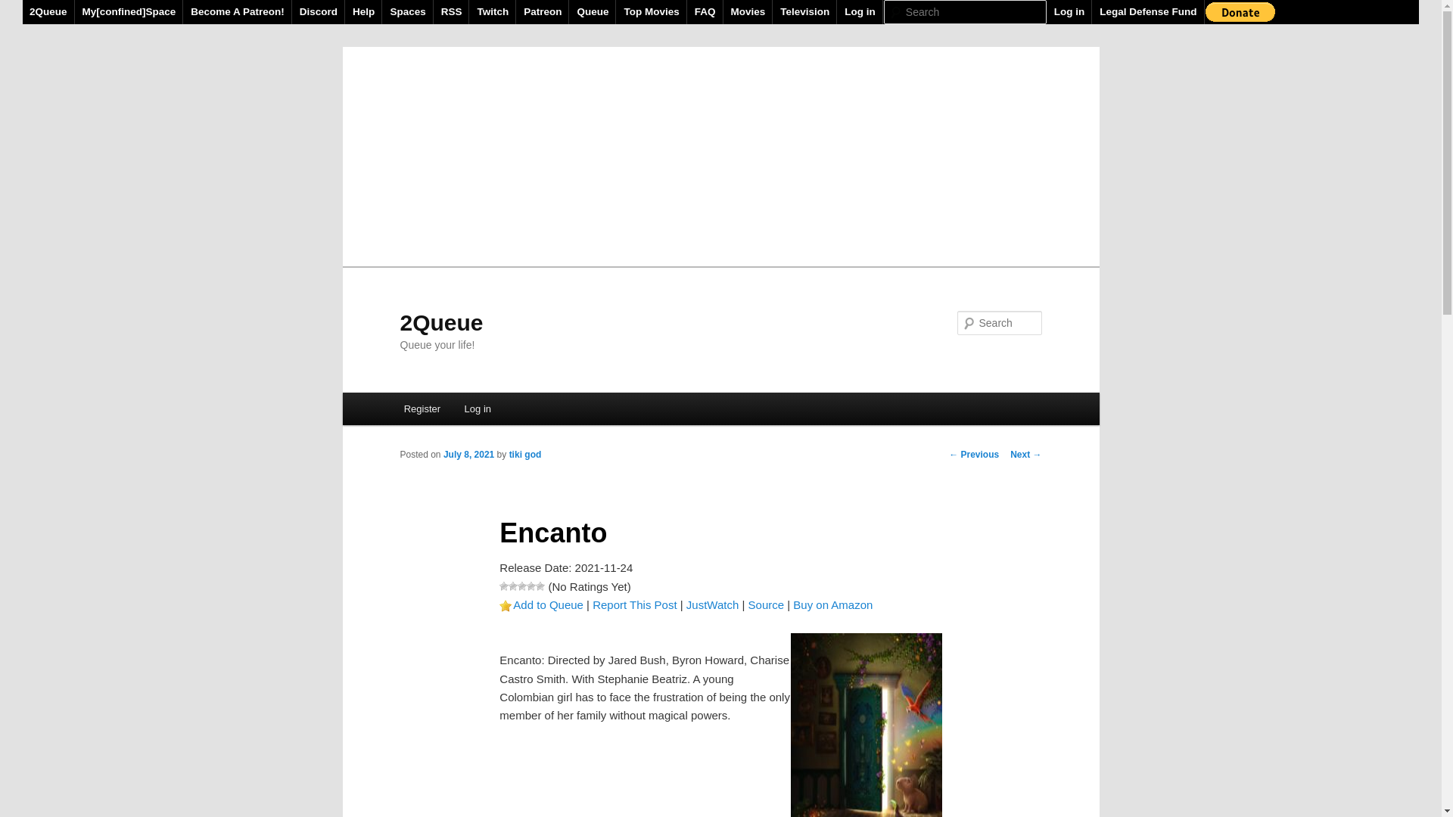  Describe the element at coordinates (547, 604) in the screenshot. I see `'Add to Queue'` at that location.